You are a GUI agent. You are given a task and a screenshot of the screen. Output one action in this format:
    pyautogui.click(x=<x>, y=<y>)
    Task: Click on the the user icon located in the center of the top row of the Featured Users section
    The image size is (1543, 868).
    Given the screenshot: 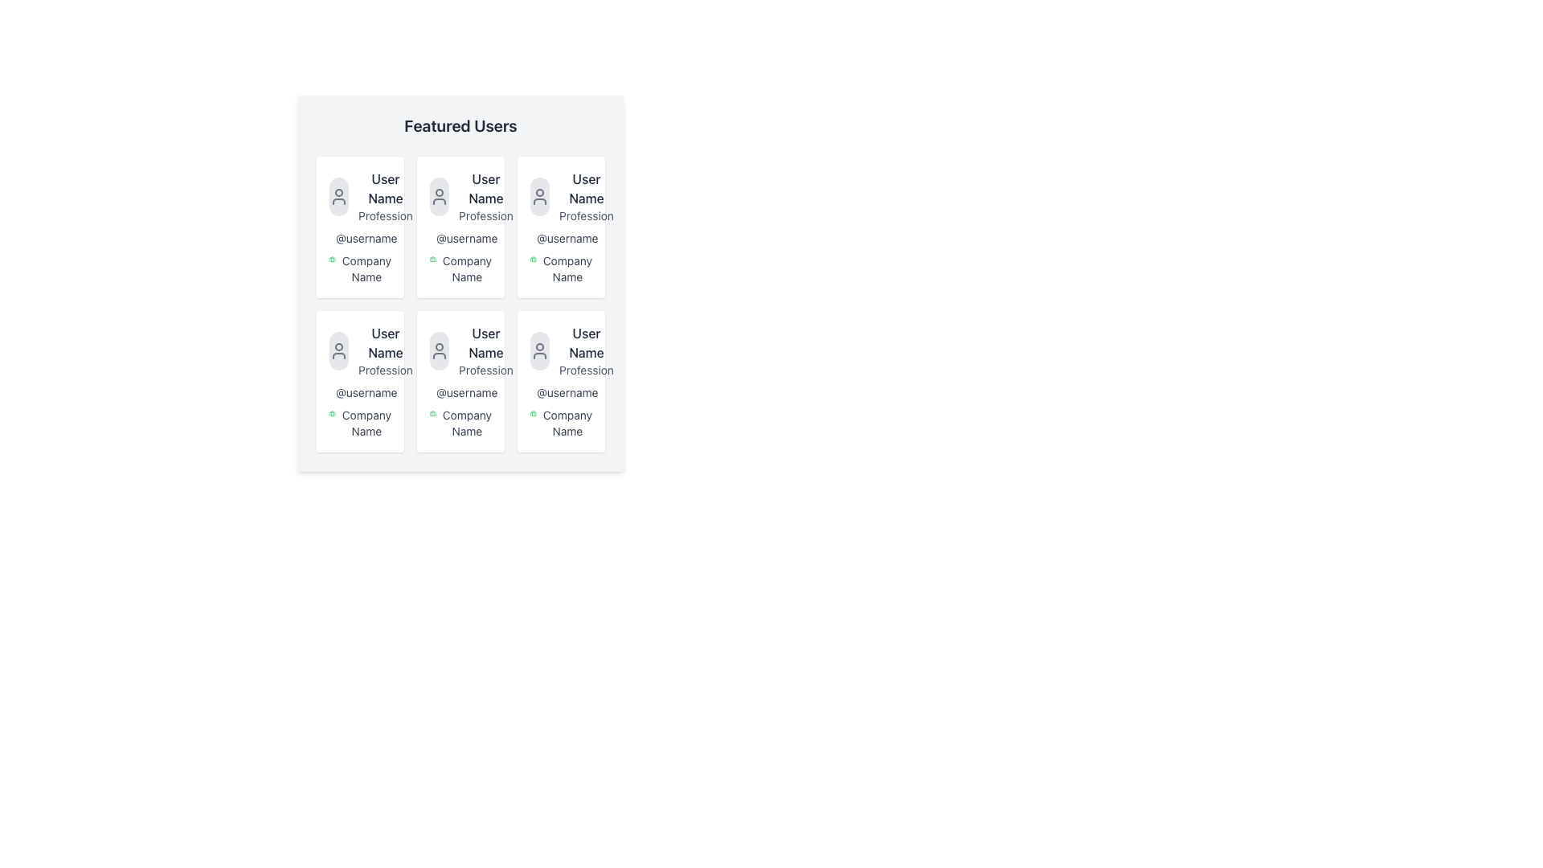 What is the action you would take?
    pyautogui.click(x=440, y=196)
    